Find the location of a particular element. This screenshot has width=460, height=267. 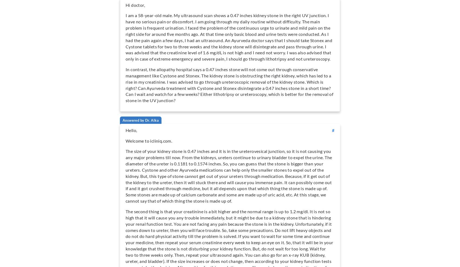

'More...' is located at coordinates (255, 109).